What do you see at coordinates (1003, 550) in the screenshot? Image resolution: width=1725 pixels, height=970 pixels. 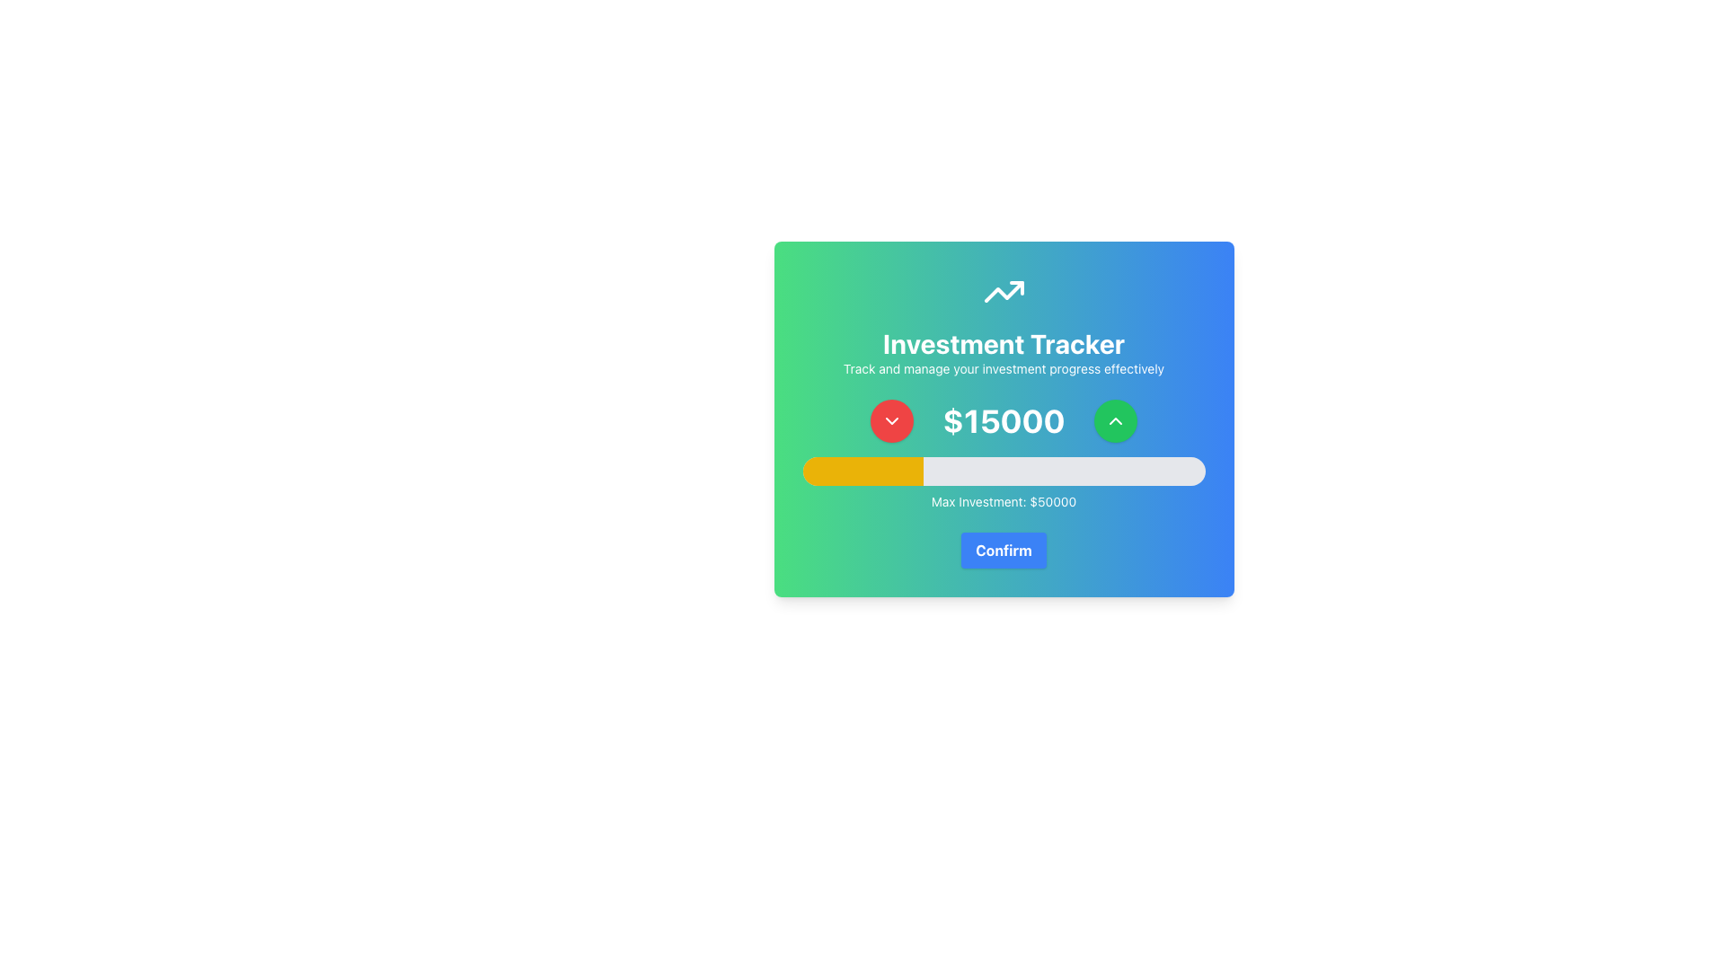 I see `the 'Confirm' button with a blue background and bold text located at the bottom of the investment tracking panel to confirm the inputs` at bounding box center [1003, 550].